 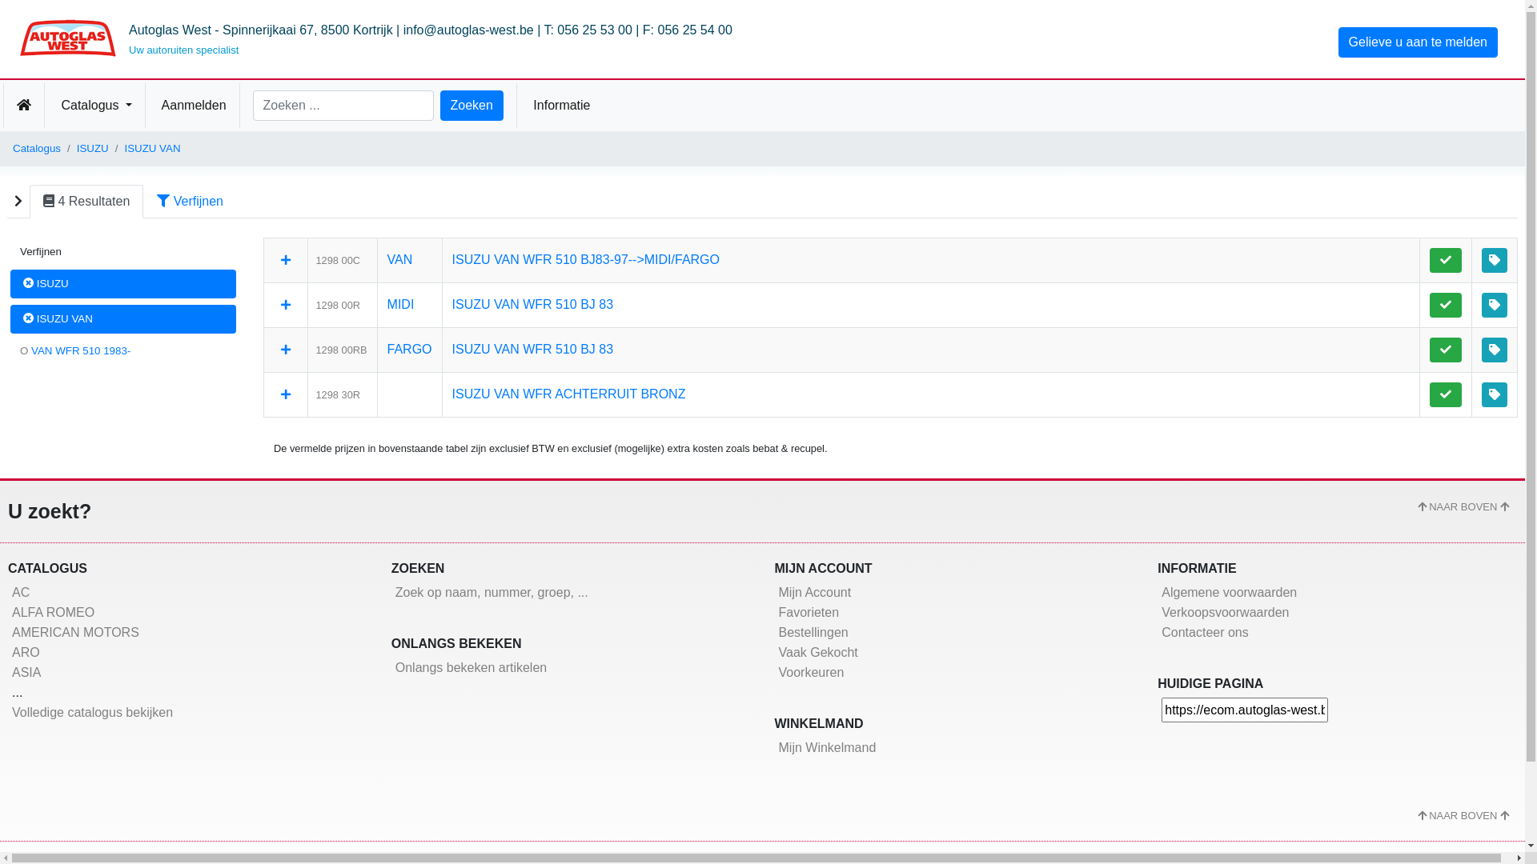 What do you see at coordinates (26, 652) in the screenshot?
I see `'ARO'` at bounding box center [26, 652].